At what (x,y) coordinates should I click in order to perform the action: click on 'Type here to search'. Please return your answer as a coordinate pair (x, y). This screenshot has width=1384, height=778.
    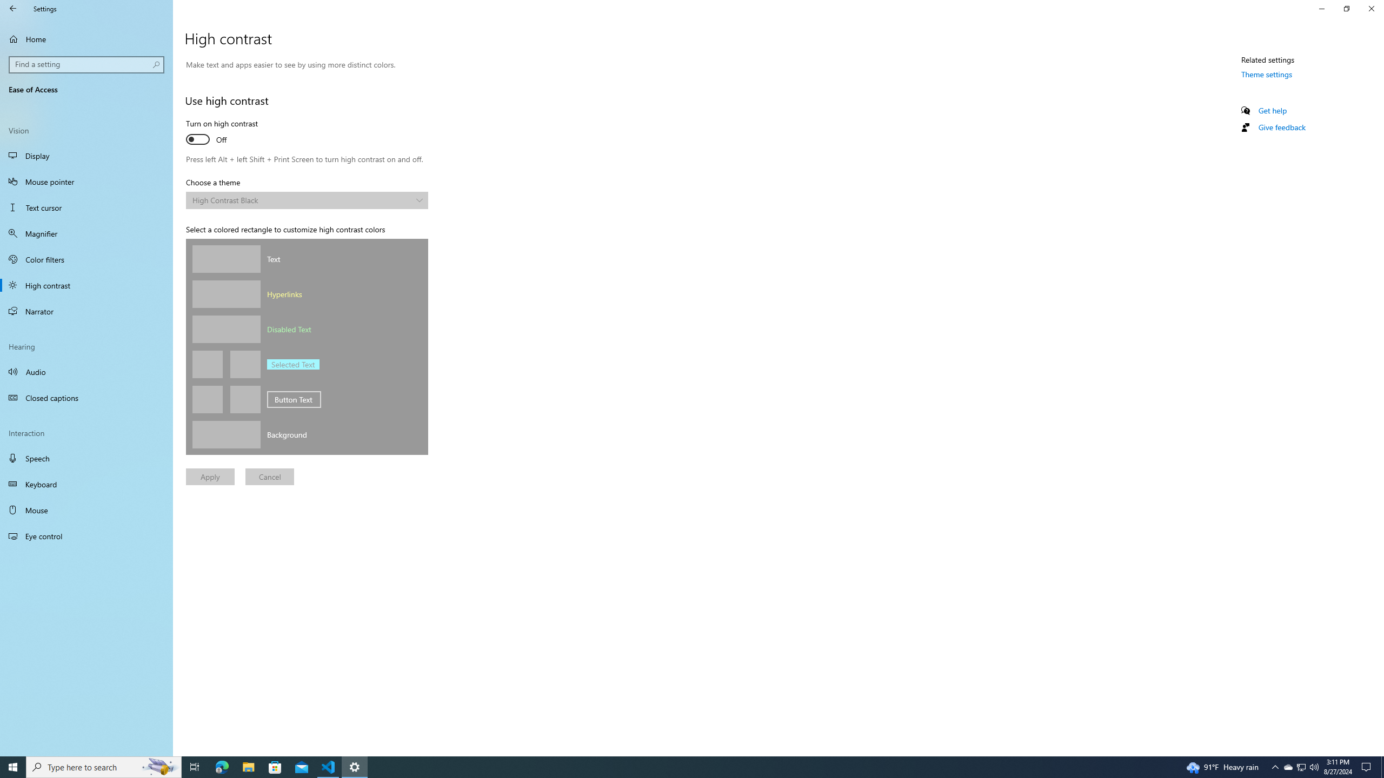
    Looking at the image, I should click on (103, 766).